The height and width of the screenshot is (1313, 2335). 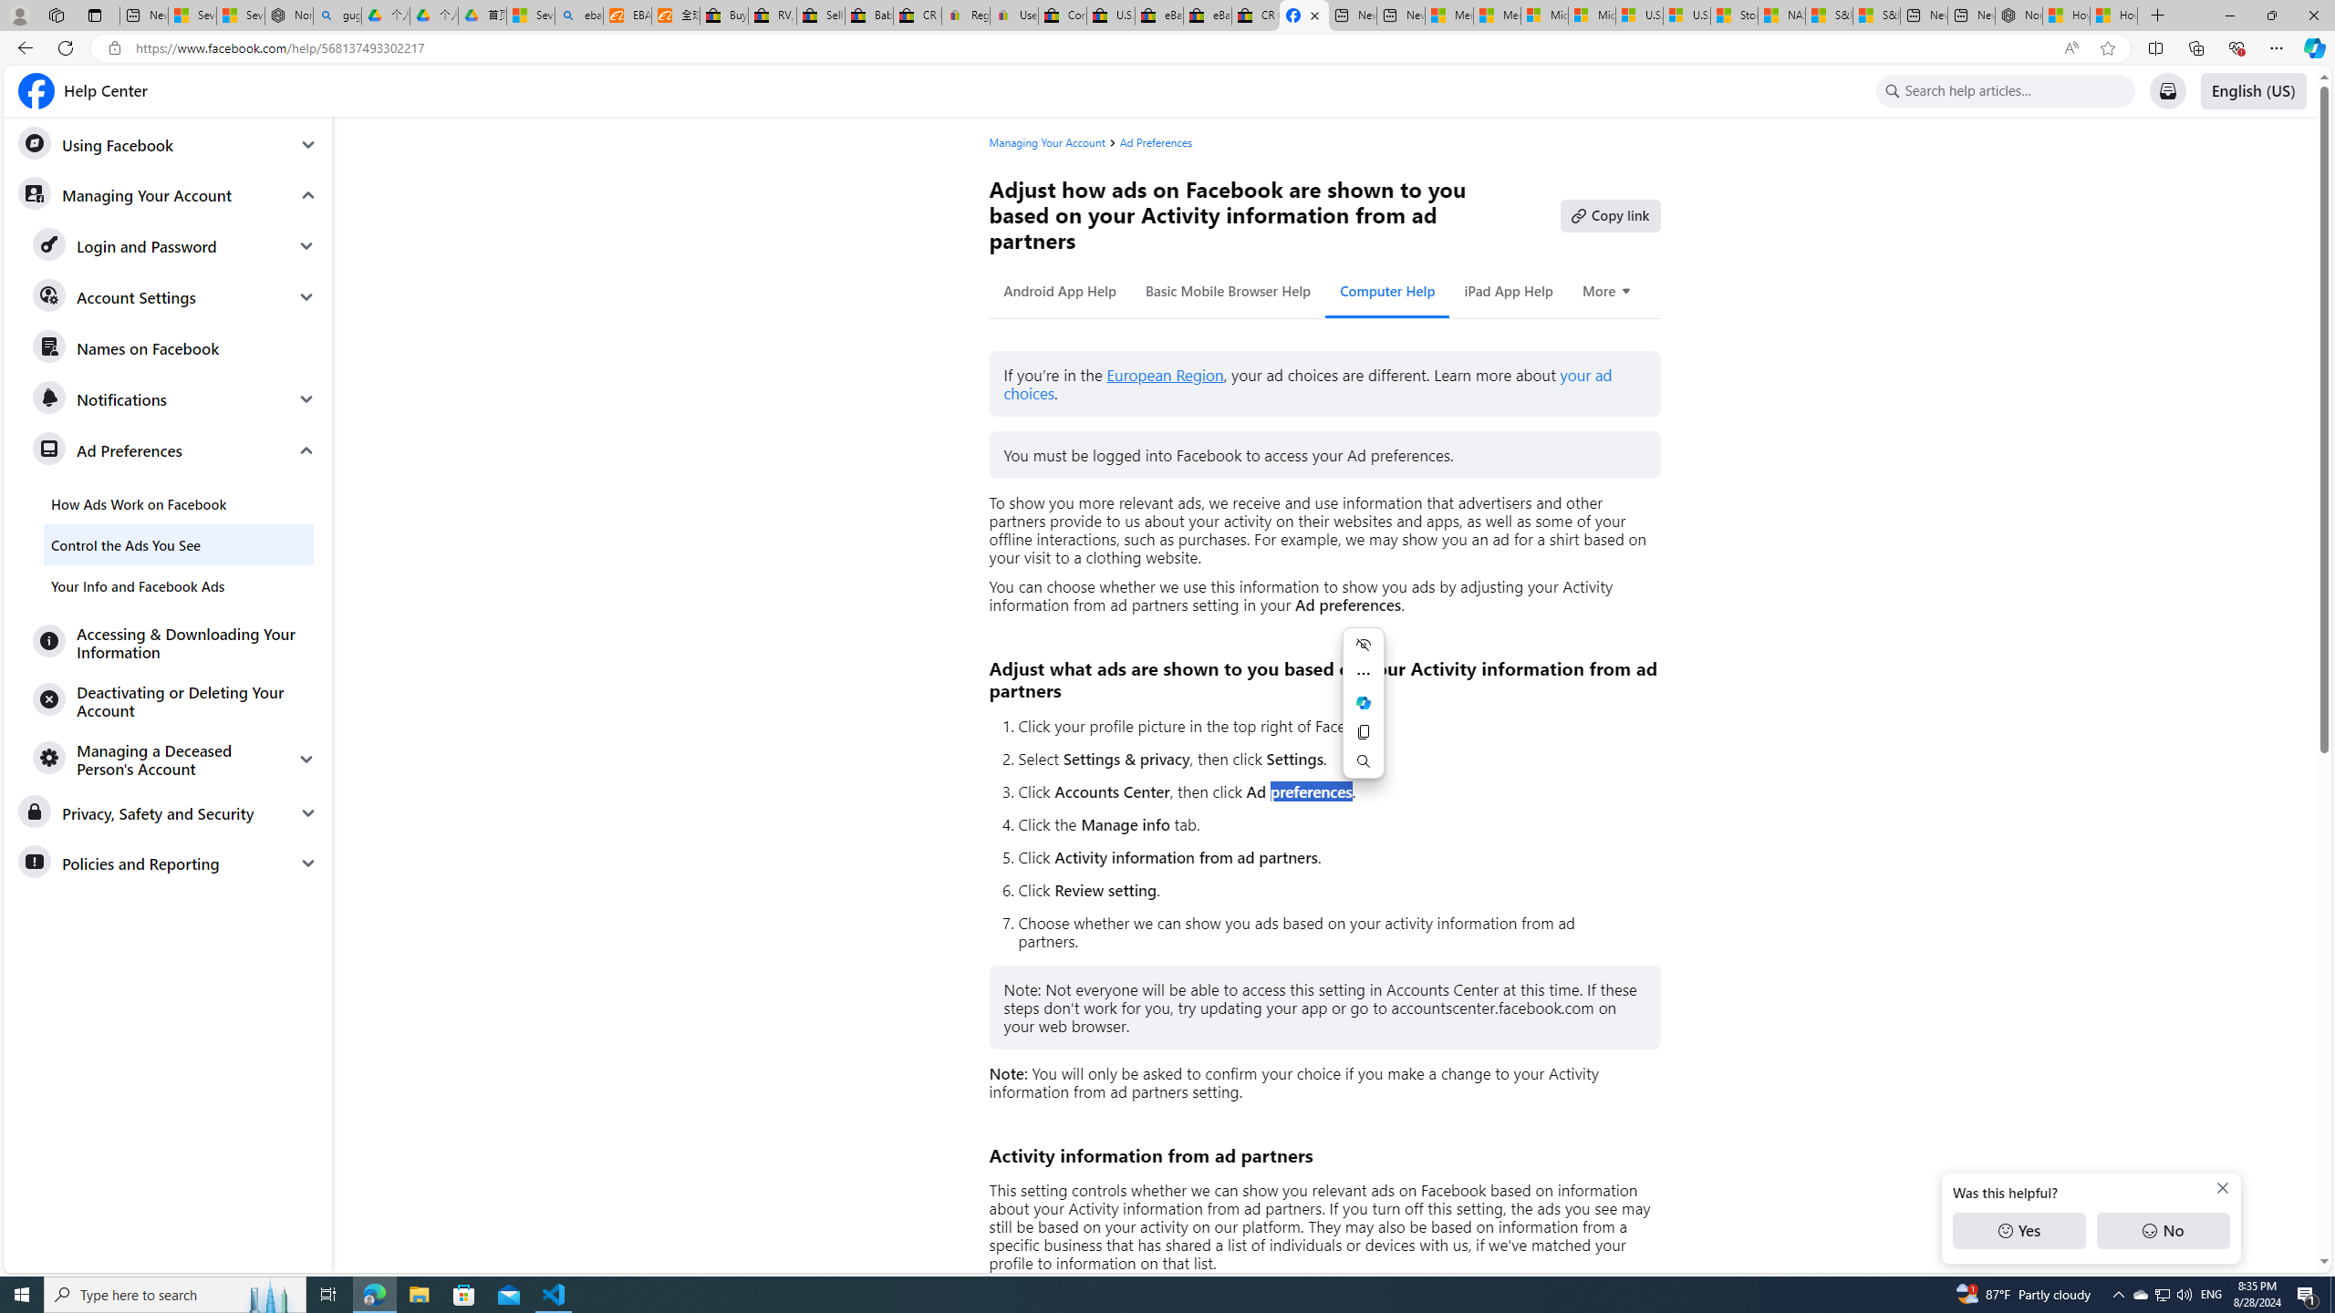 I want to click on 'Ad Preferences', so click(x=1156, y=142).